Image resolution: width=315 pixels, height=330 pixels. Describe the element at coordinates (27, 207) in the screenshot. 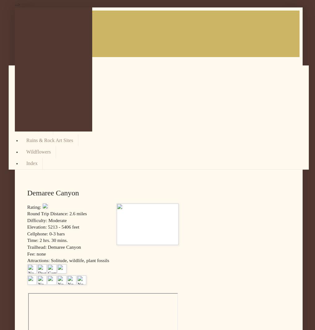

I see `'Rating:'` at that location.